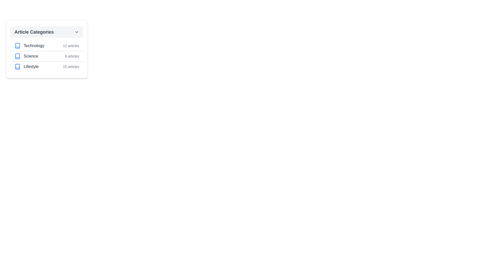 The image size is (489, 275). What do you see at coordinates (71, 66) in the screenshot?
I see `the text label displaying the number of articles available under the 'Lifestyle' category, which is located to the right of the 'Lifestyle' text in the 'Article Categories' section` at bounding box center [71, 66].